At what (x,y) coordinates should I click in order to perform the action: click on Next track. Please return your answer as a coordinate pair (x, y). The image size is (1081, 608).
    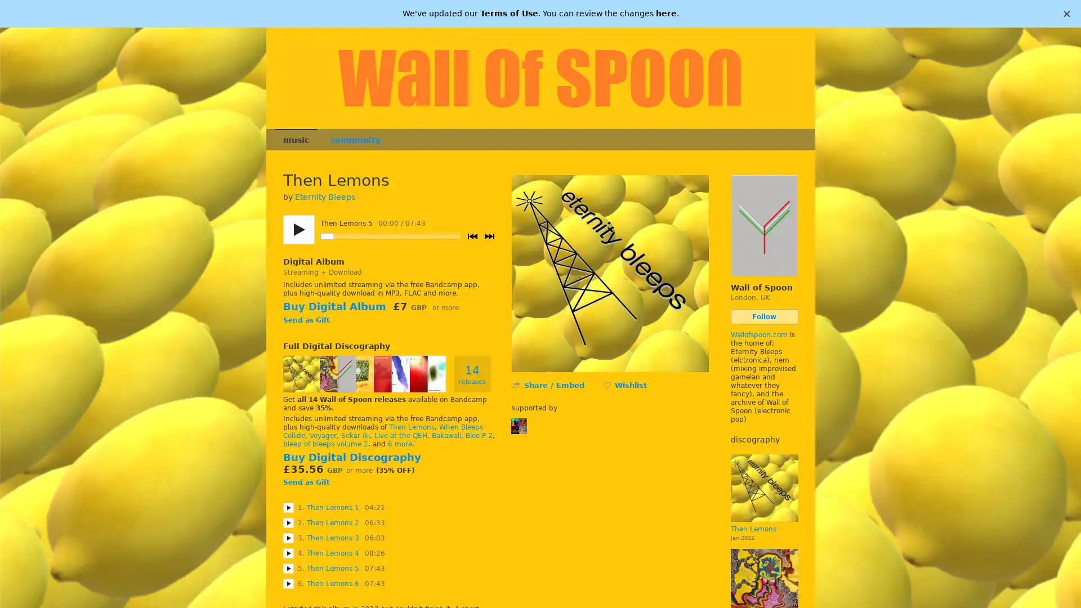
    Looking at the image, I should click on (489, 236).